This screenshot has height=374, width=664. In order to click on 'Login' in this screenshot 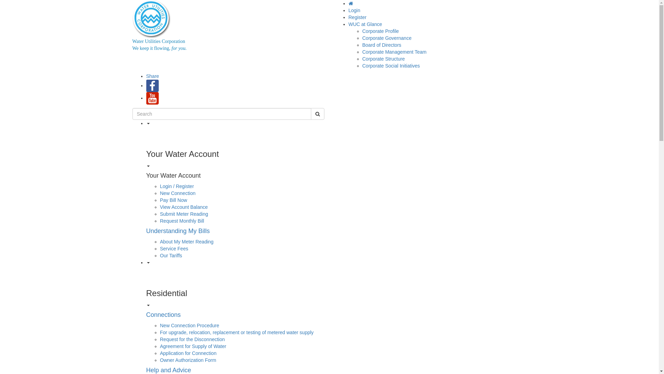, I will do `click(354, 10)`.